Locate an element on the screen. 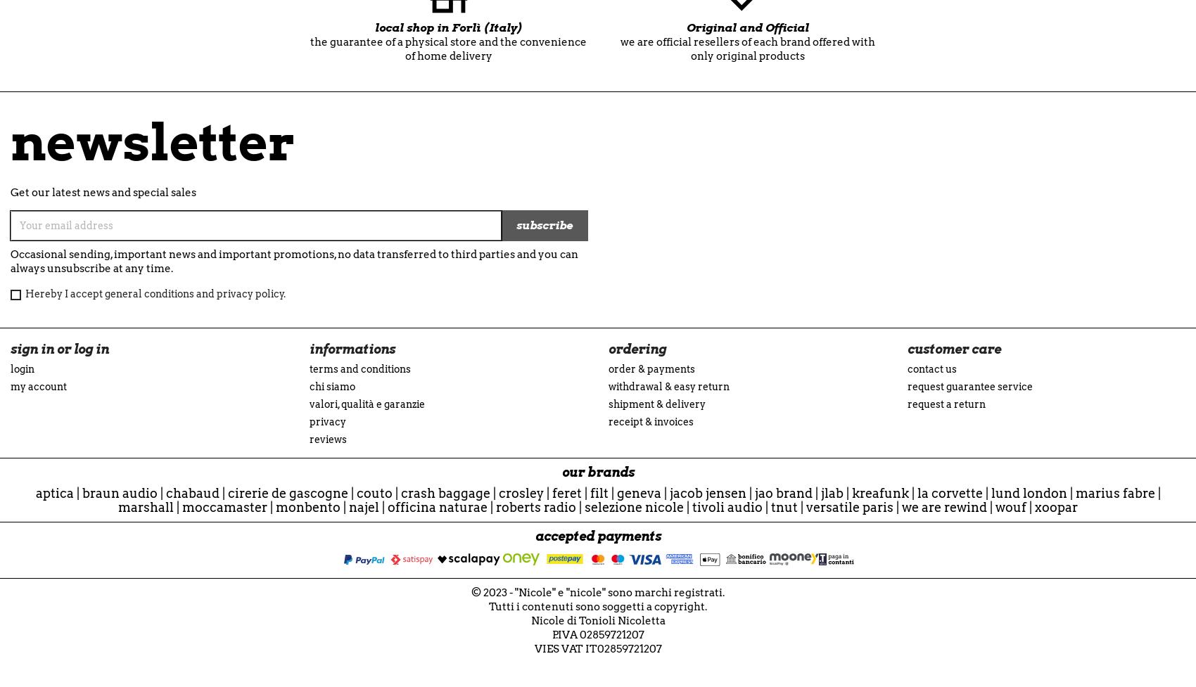 The height and width of the screenshot is (687, 1196). 'Chabaud' is located at coordinates (192, 493).